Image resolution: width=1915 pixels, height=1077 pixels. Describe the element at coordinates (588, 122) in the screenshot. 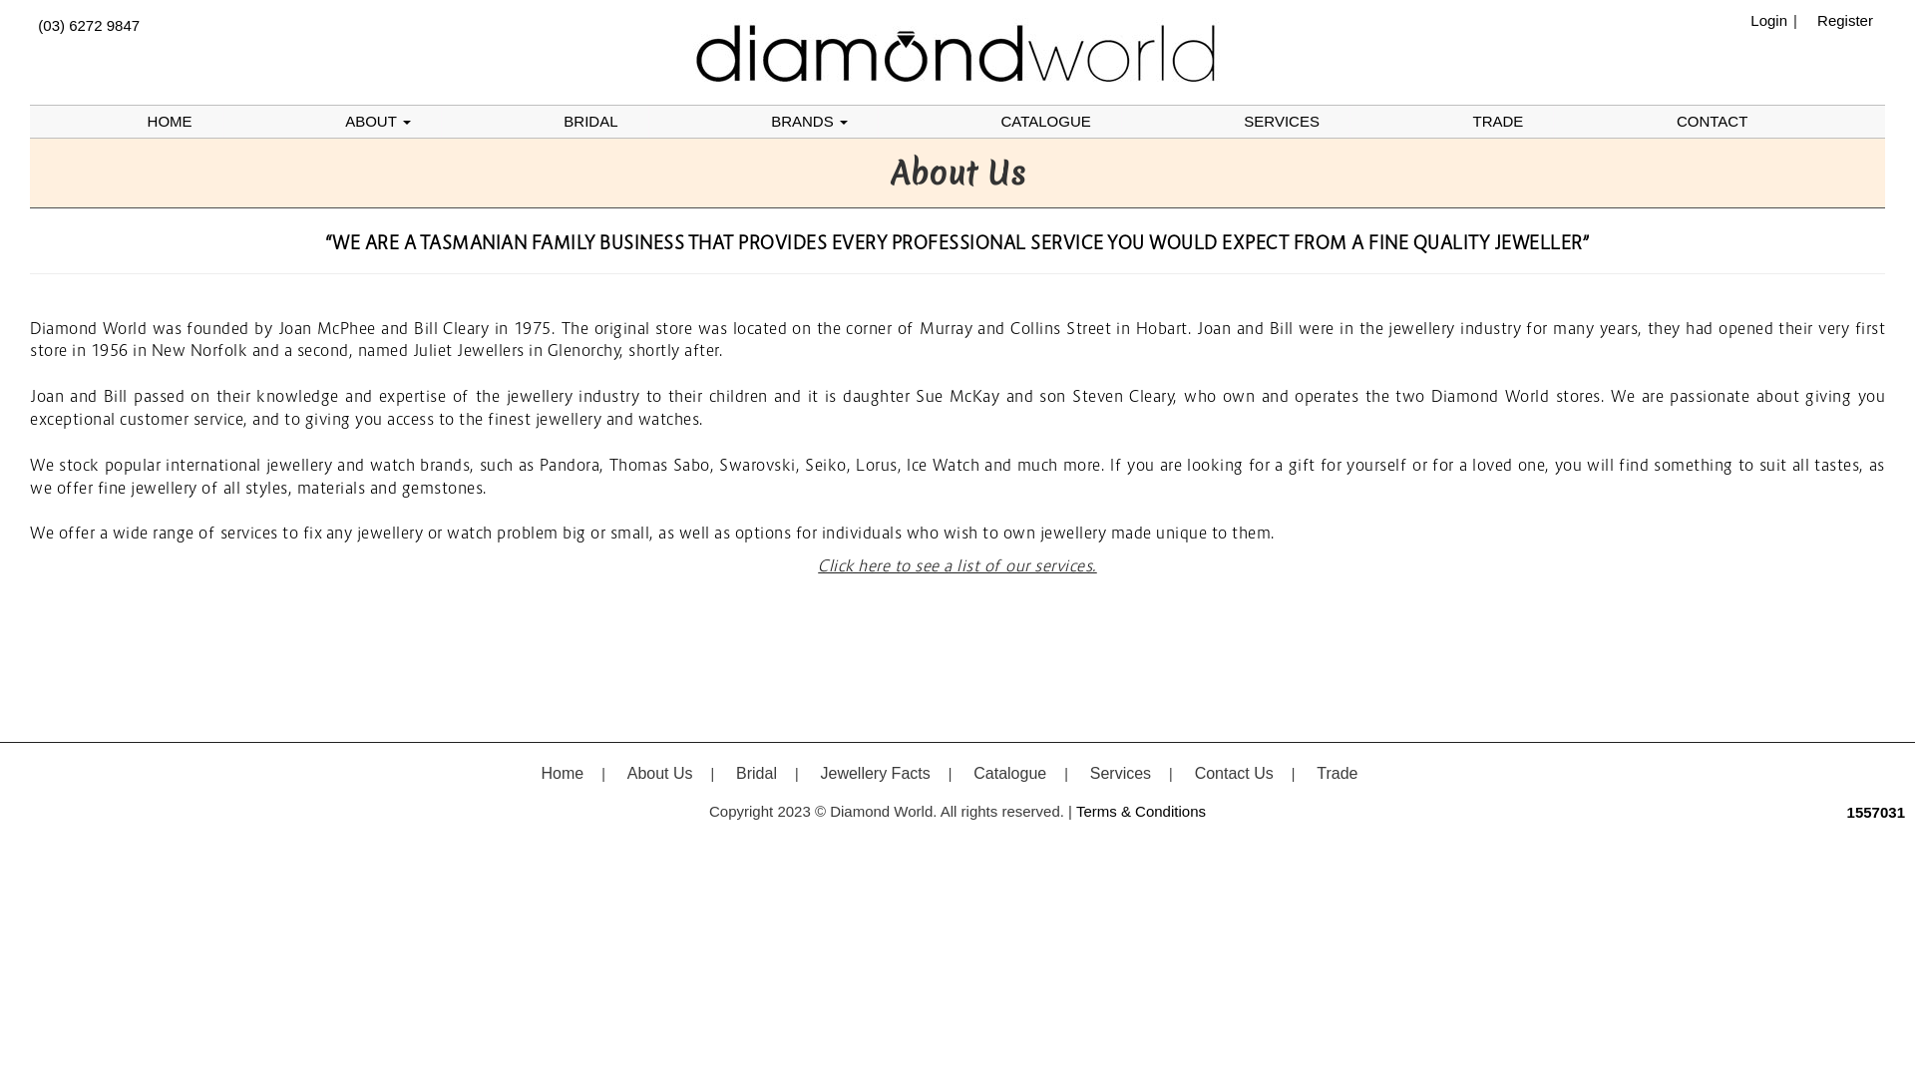

I see `'BRIDAL'` at that location.